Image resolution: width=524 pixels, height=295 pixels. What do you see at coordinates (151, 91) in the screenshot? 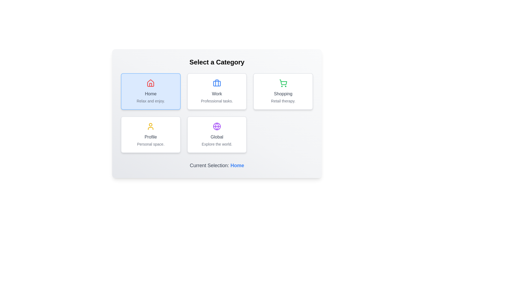
I see `the category Home by clicking its corresponding button` at bounding box center [151, 91].